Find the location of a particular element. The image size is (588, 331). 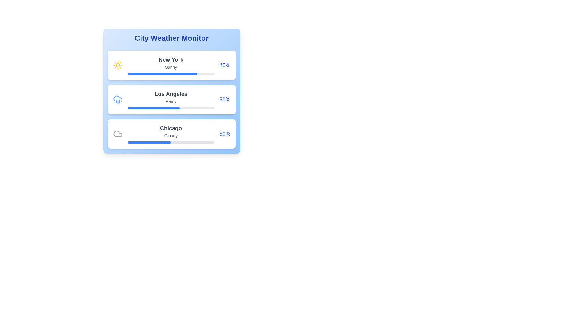

the static text label displaying '50%' in the bottom-right corner of the 'Chicago' weather section, which indicates the progress of the weather progress bar is located at coordinates (224, 133).